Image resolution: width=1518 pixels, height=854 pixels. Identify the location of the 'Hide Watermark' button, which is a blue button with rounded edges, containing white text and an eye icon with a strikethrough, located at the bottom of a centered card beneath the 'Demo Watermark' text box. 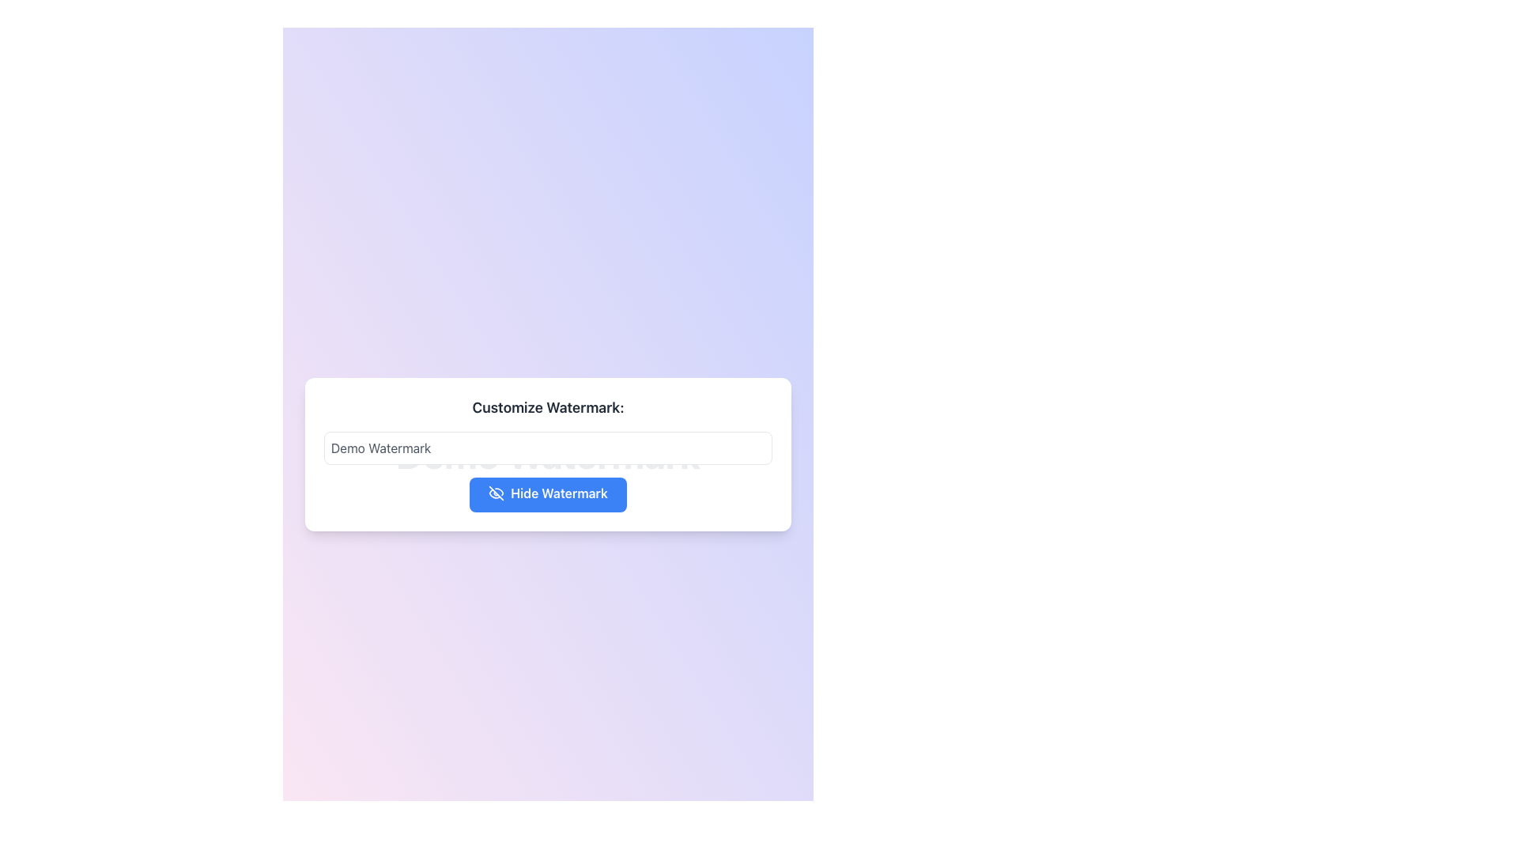
(548, 493).